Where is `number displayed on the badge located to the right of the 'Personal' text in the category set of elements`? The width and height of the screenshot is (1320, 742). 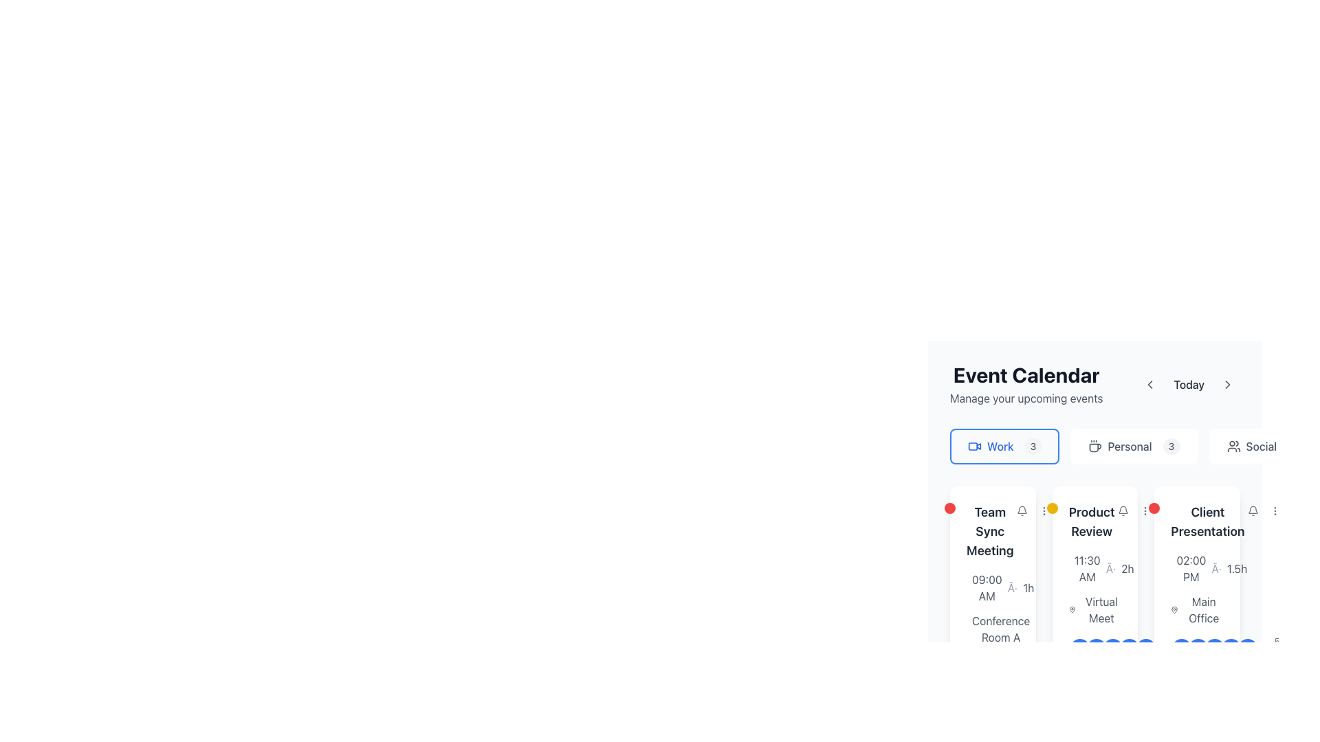
number displayed on the badge located to the right of the 'Personal' text in the category set of elements is located at coordinates (1171, 447).